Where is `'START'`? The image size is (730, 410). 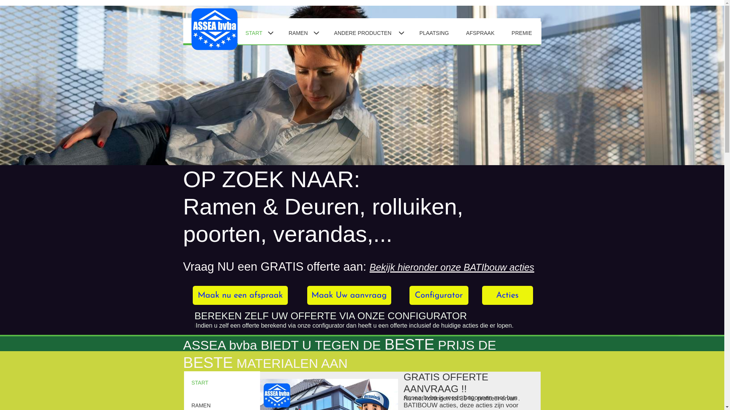
'START' is located at coordinates (259, 32).